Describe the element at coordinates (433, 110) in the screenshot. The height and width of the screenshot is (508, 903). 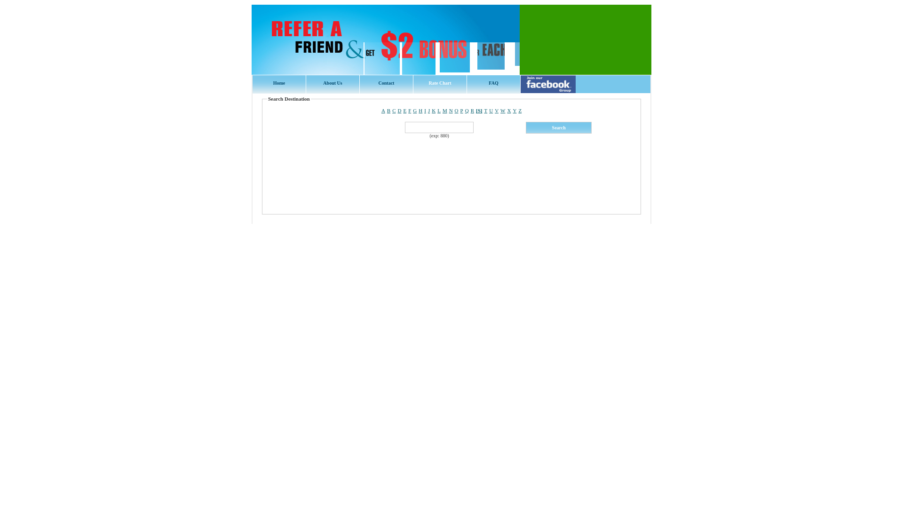
I see `'K'` at that location.